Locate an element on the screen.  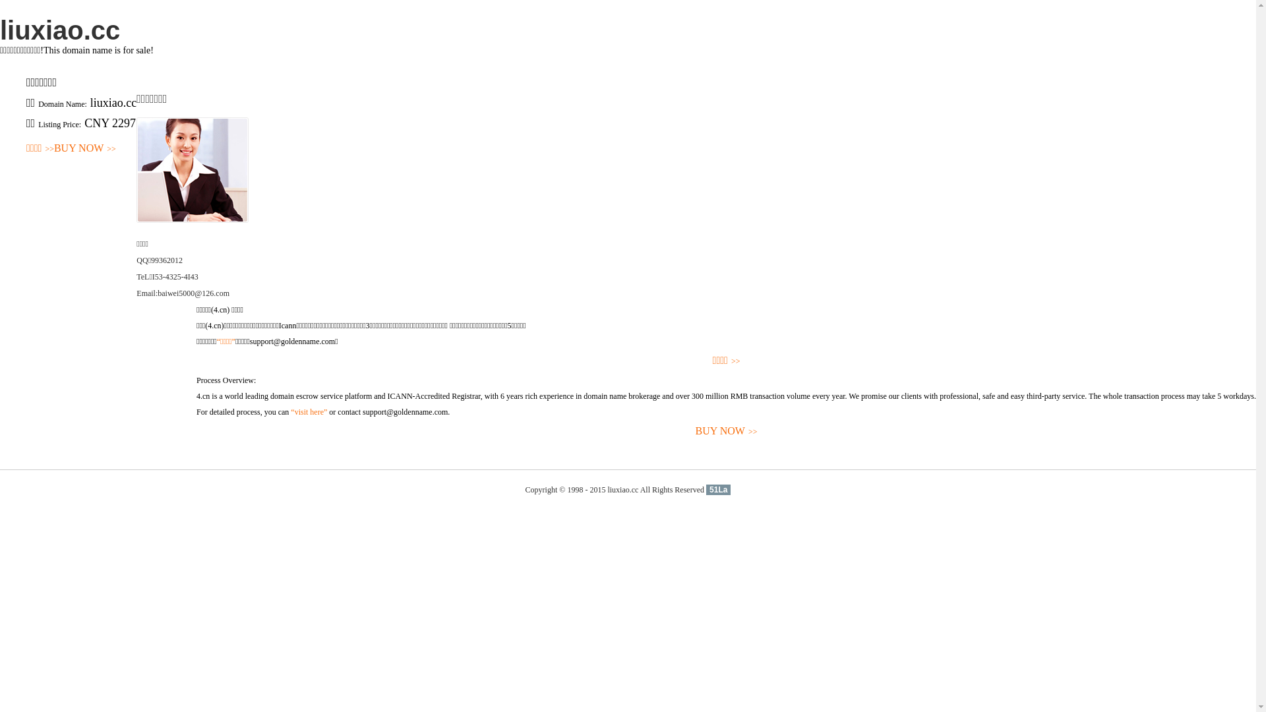
'51La' is located at coordinates (717, 490).